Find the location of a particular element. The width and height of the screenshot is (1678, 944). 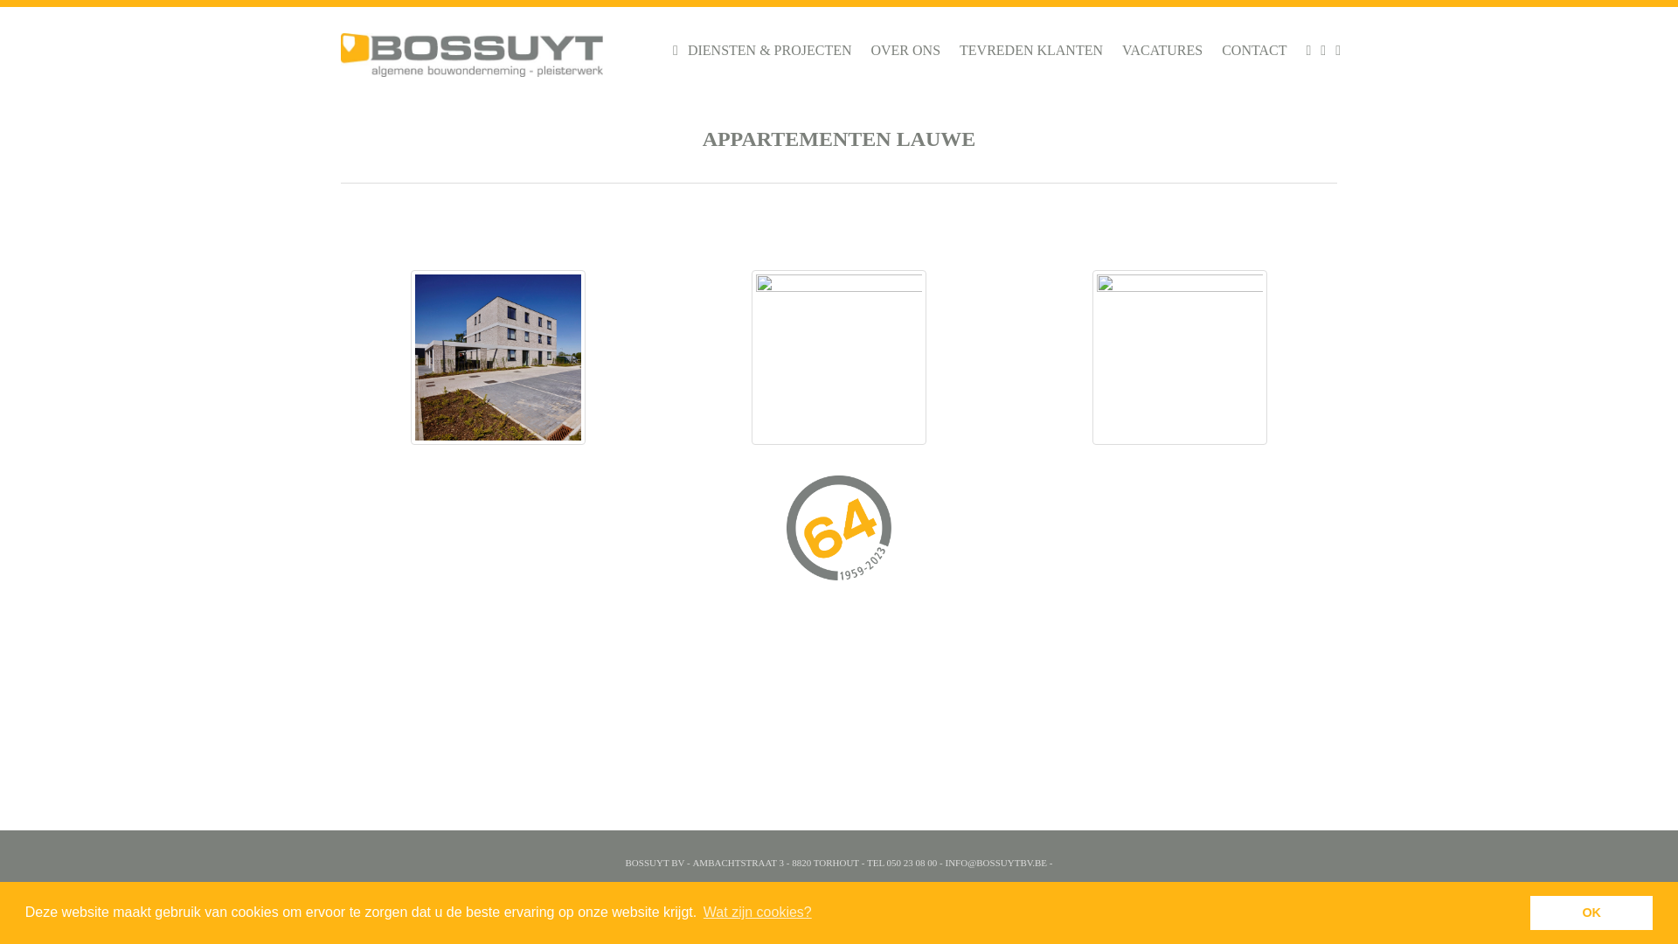

'VACATURES' is located at coordinates (1161, 49).